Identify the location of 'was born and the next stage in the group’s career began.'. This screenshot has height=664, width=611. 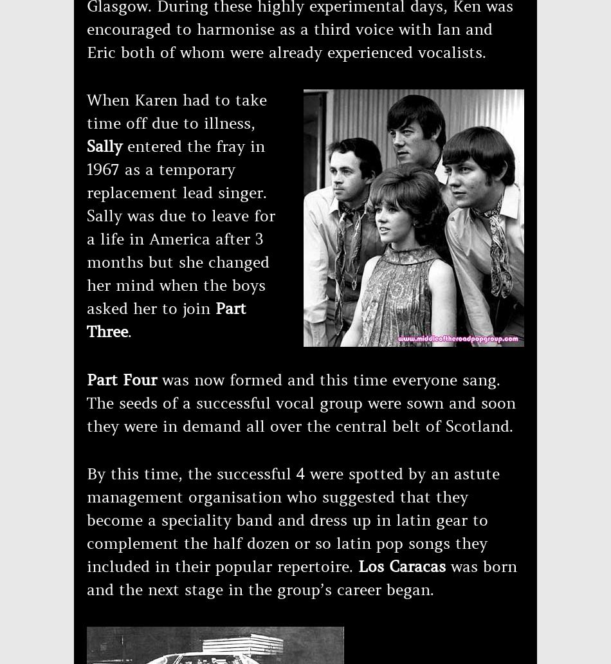
(301, 578).